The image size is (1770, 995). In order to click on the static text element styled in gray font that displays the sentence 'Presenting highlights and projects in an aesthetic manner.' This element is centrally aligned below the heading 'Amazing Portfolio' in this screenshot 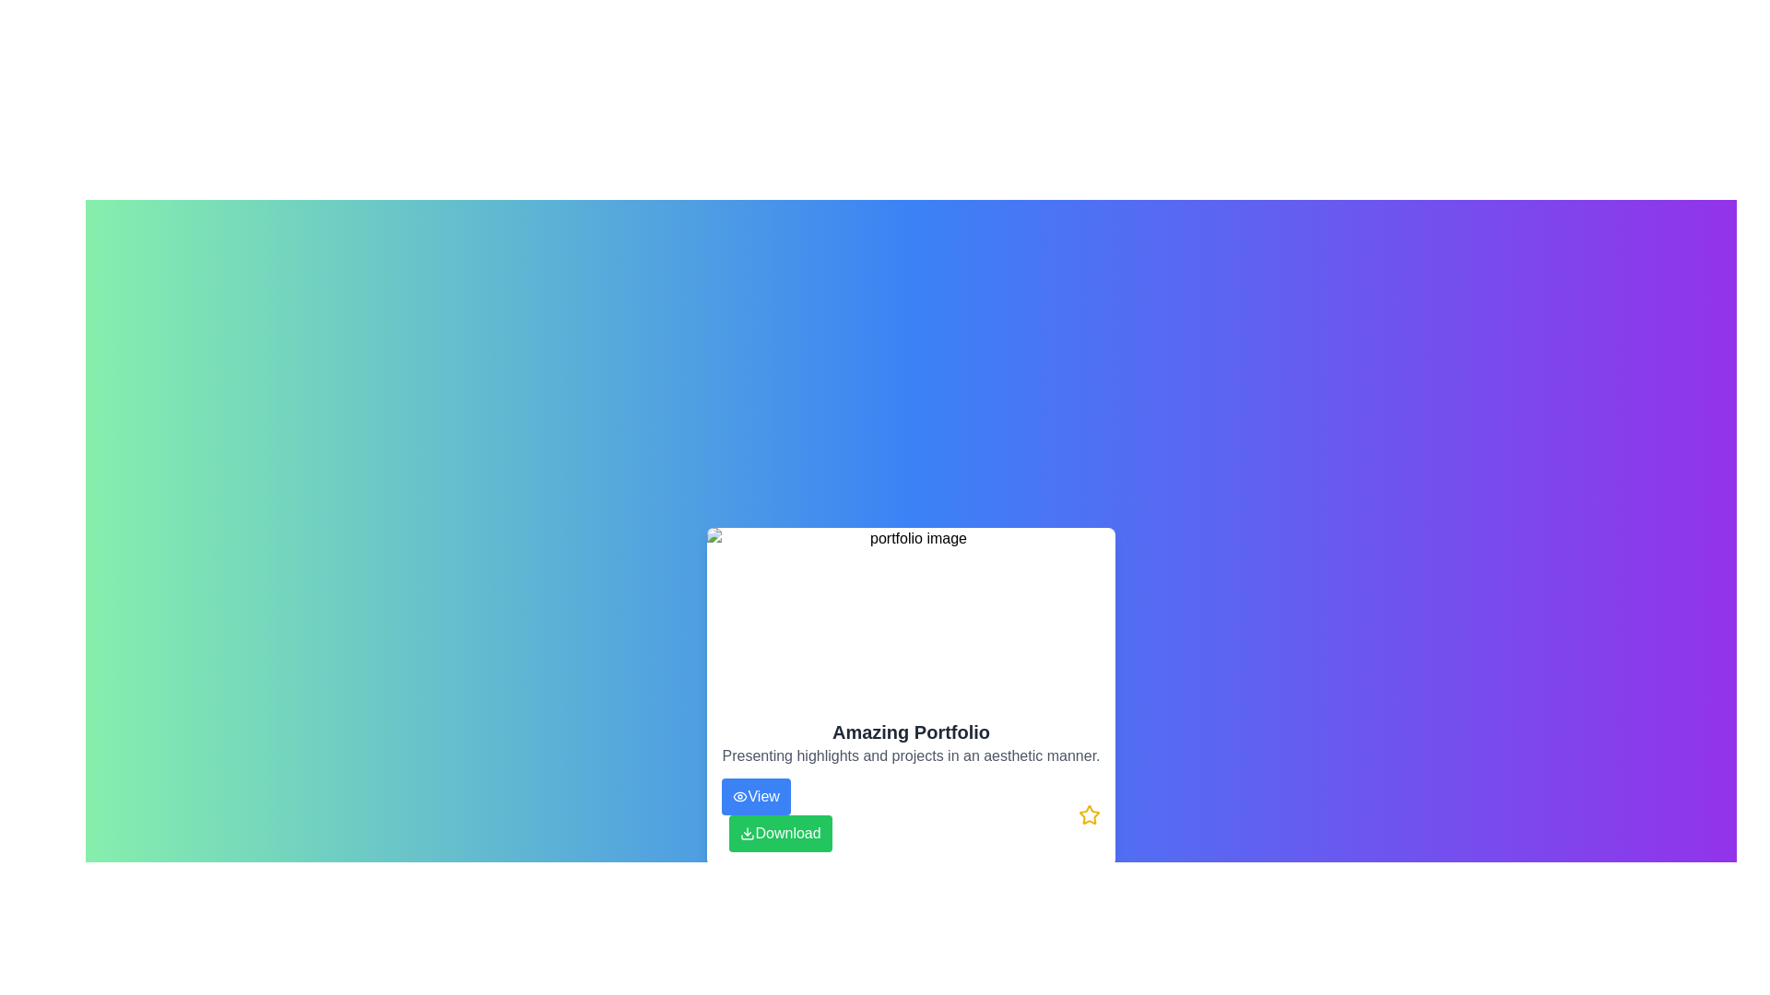, I will do `click(911, 756)`.